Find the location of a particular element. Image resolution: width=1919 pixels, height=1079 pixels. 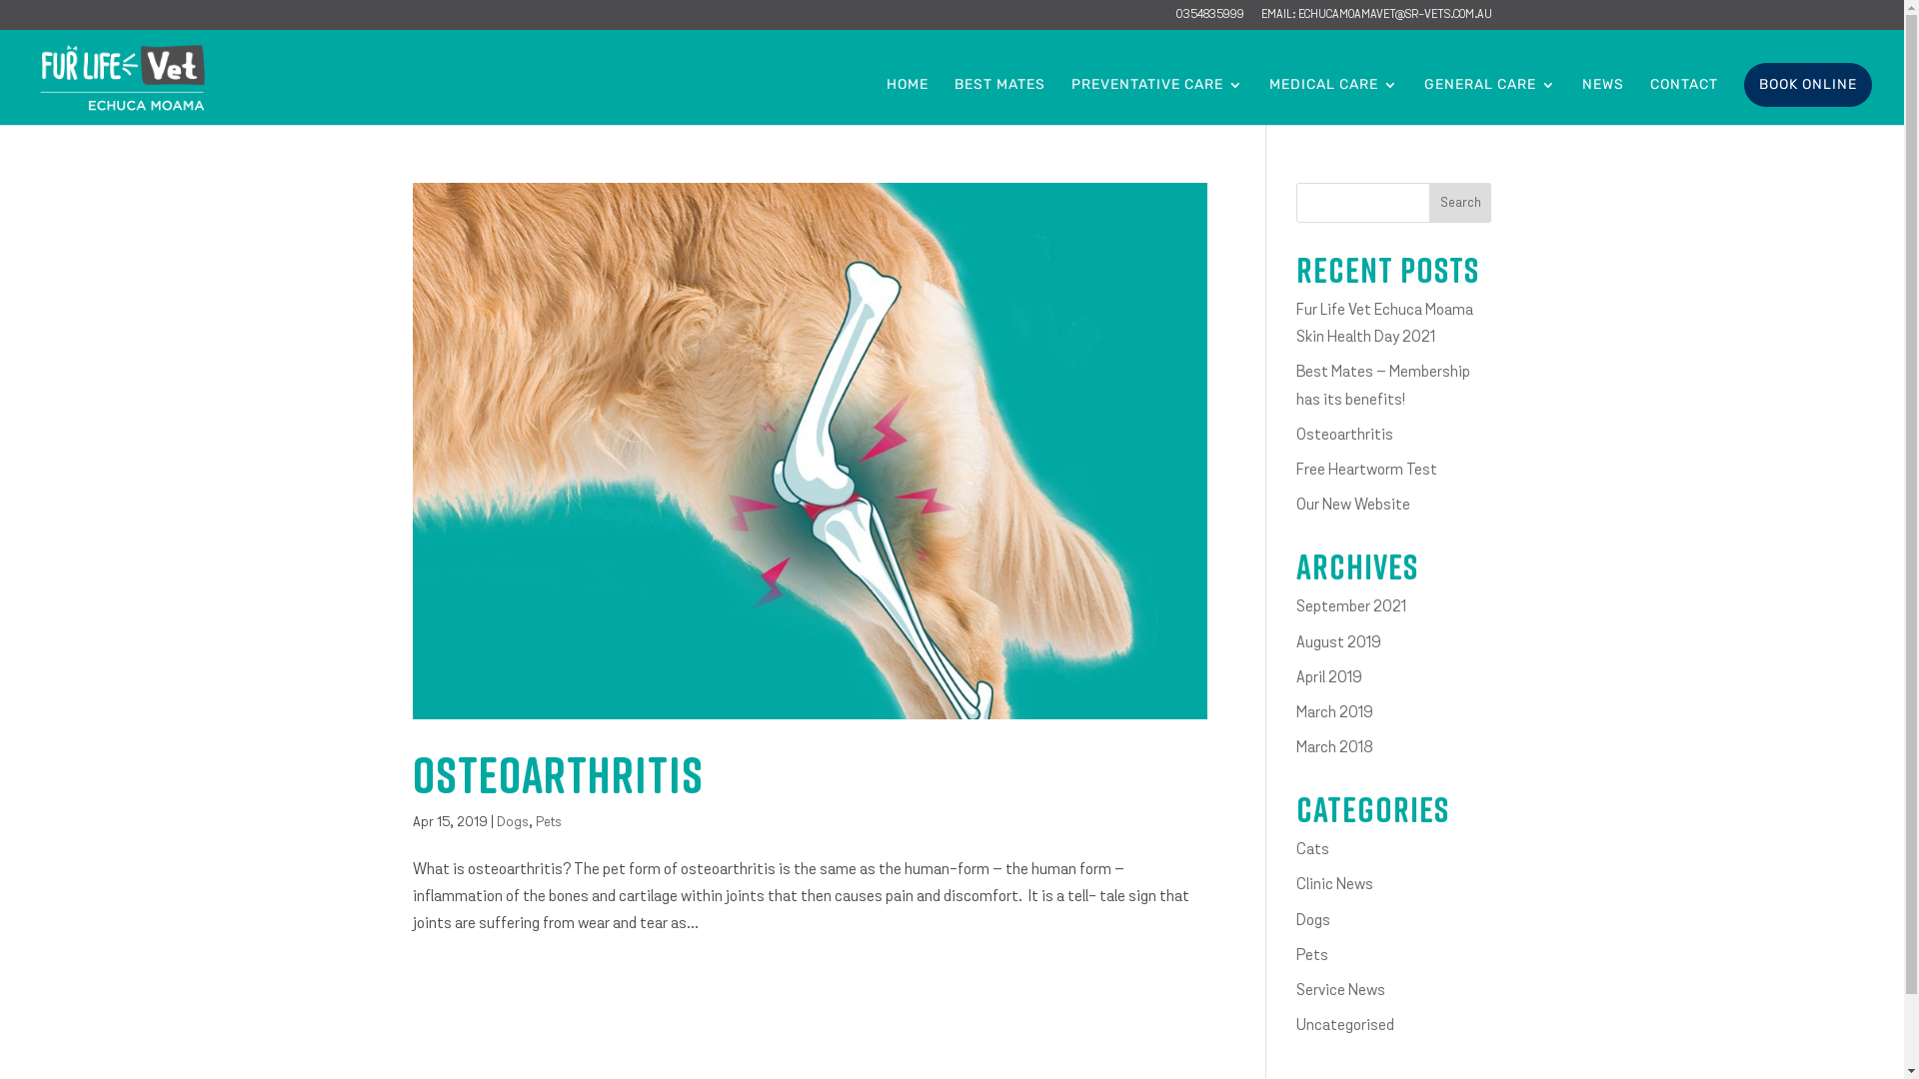

'Clinic News' is located at coordinates (1295, 884).